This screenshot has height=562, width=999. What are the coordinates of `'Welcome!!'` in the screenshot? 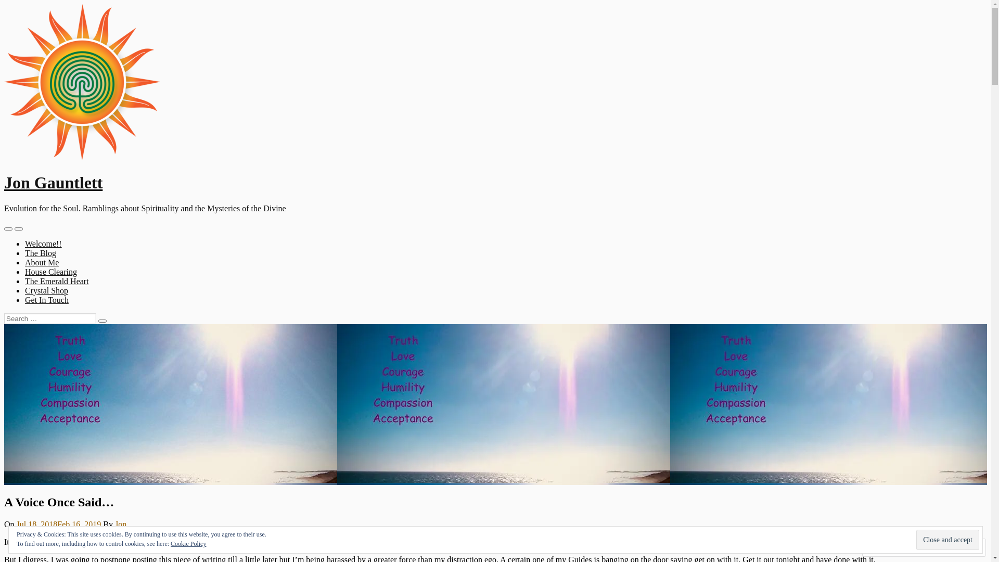 It's located at (43, 244).